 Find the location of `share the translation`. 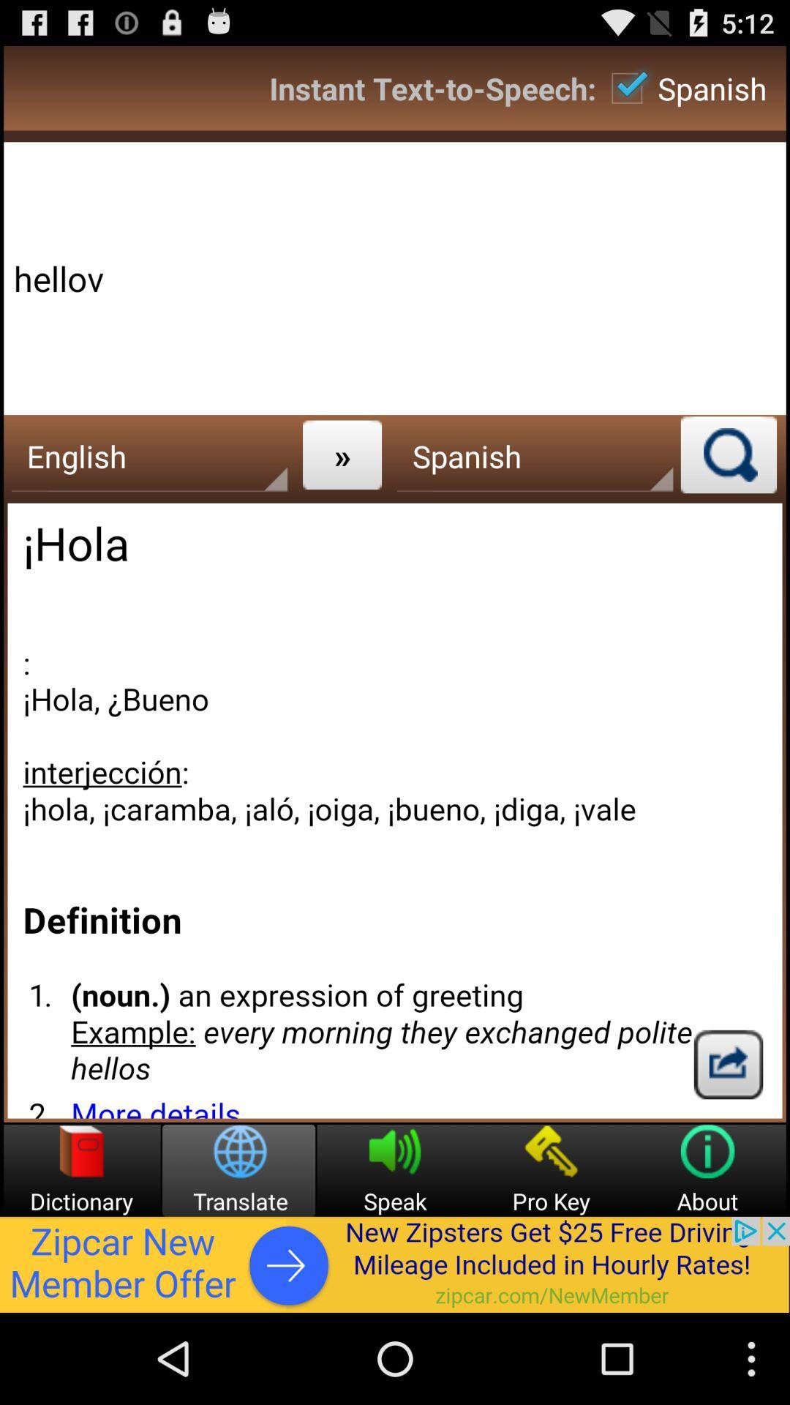

share the translation is located at coordinates (728, 1064).